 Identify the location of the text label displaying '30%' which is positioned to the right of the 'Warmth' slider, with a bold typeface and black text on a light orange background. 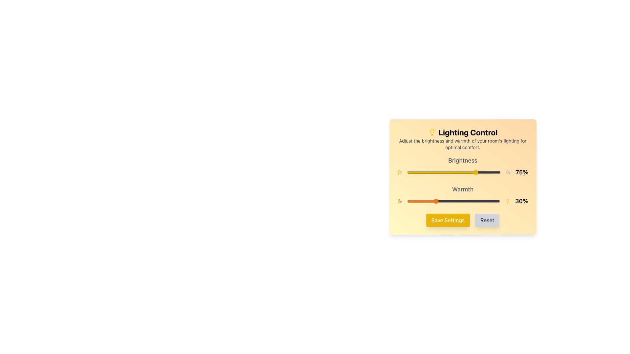
(521, 201).